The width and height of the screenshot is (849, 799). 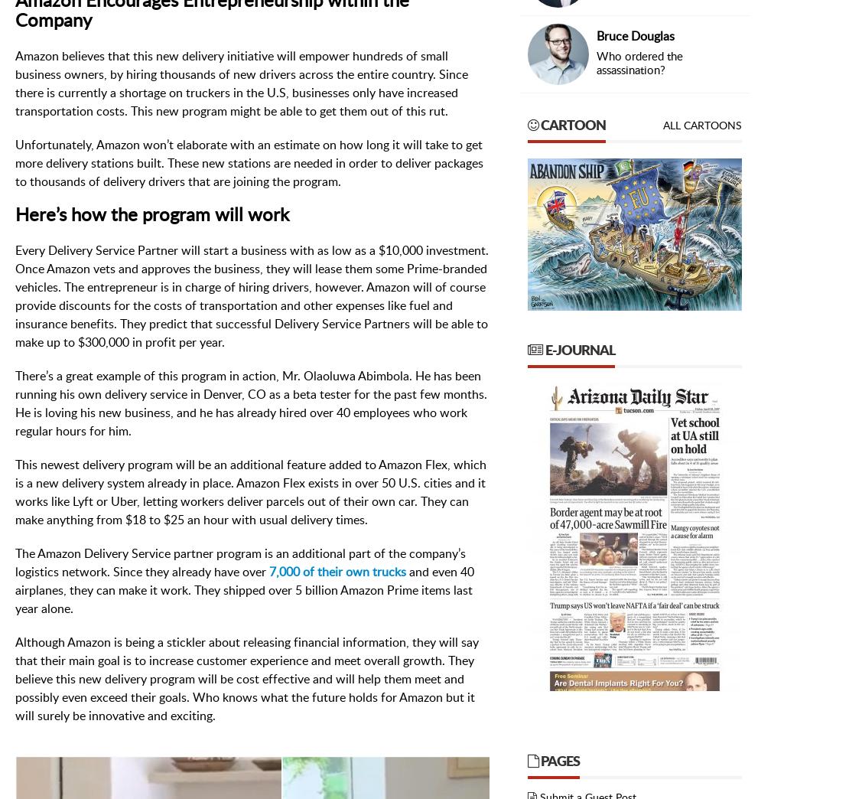 I want to click on 'Bruce Douglas', so click(x=635, y=36).